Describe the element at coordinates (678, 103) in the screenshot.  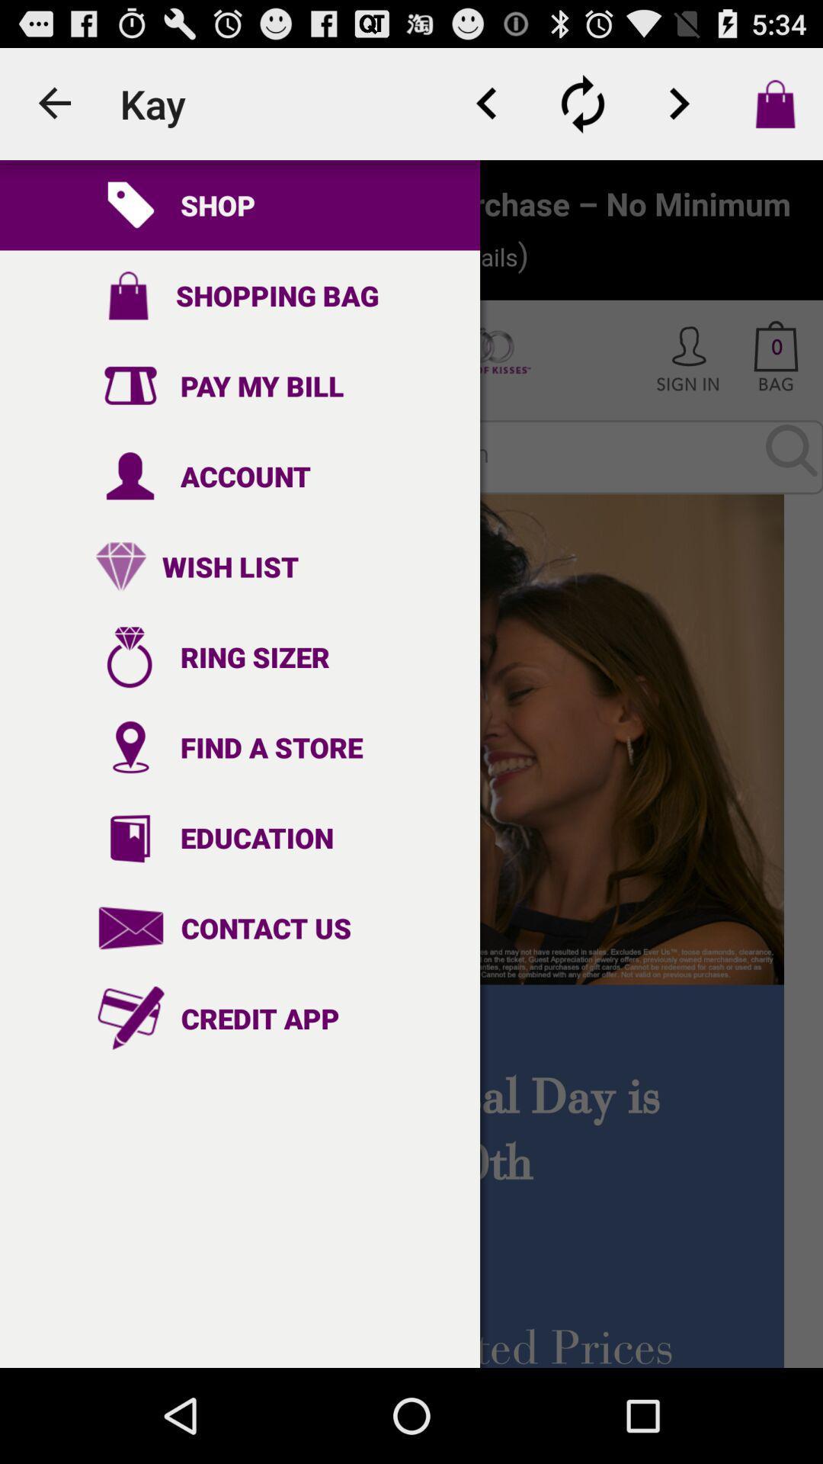
I see `go do next` at that location.